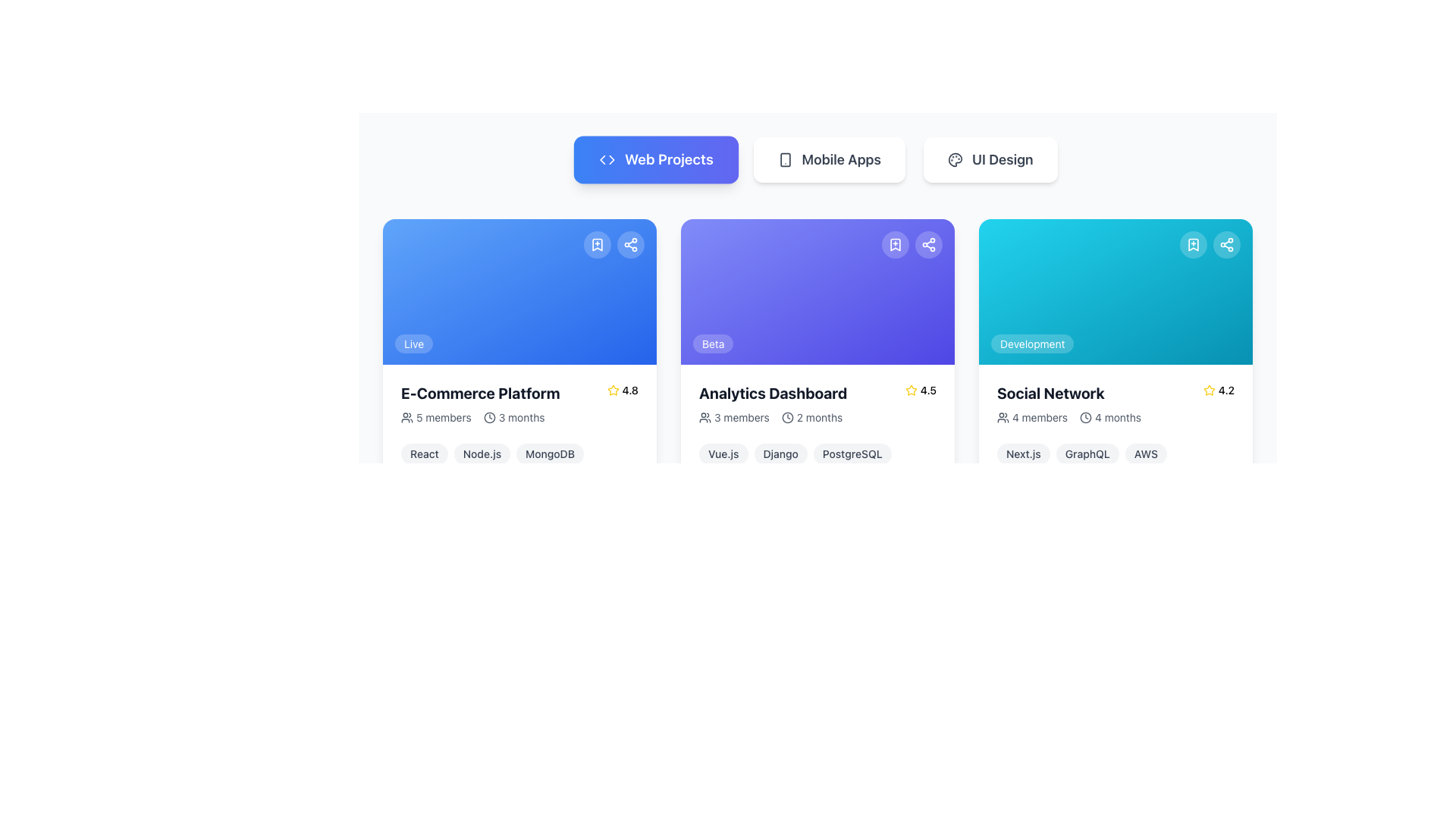  Describe the element at coordinates (596, 244) in the screenshot. I see `the white bookmark icon in the top-right corner of the 'E-Commerce Platform' card` at that location.